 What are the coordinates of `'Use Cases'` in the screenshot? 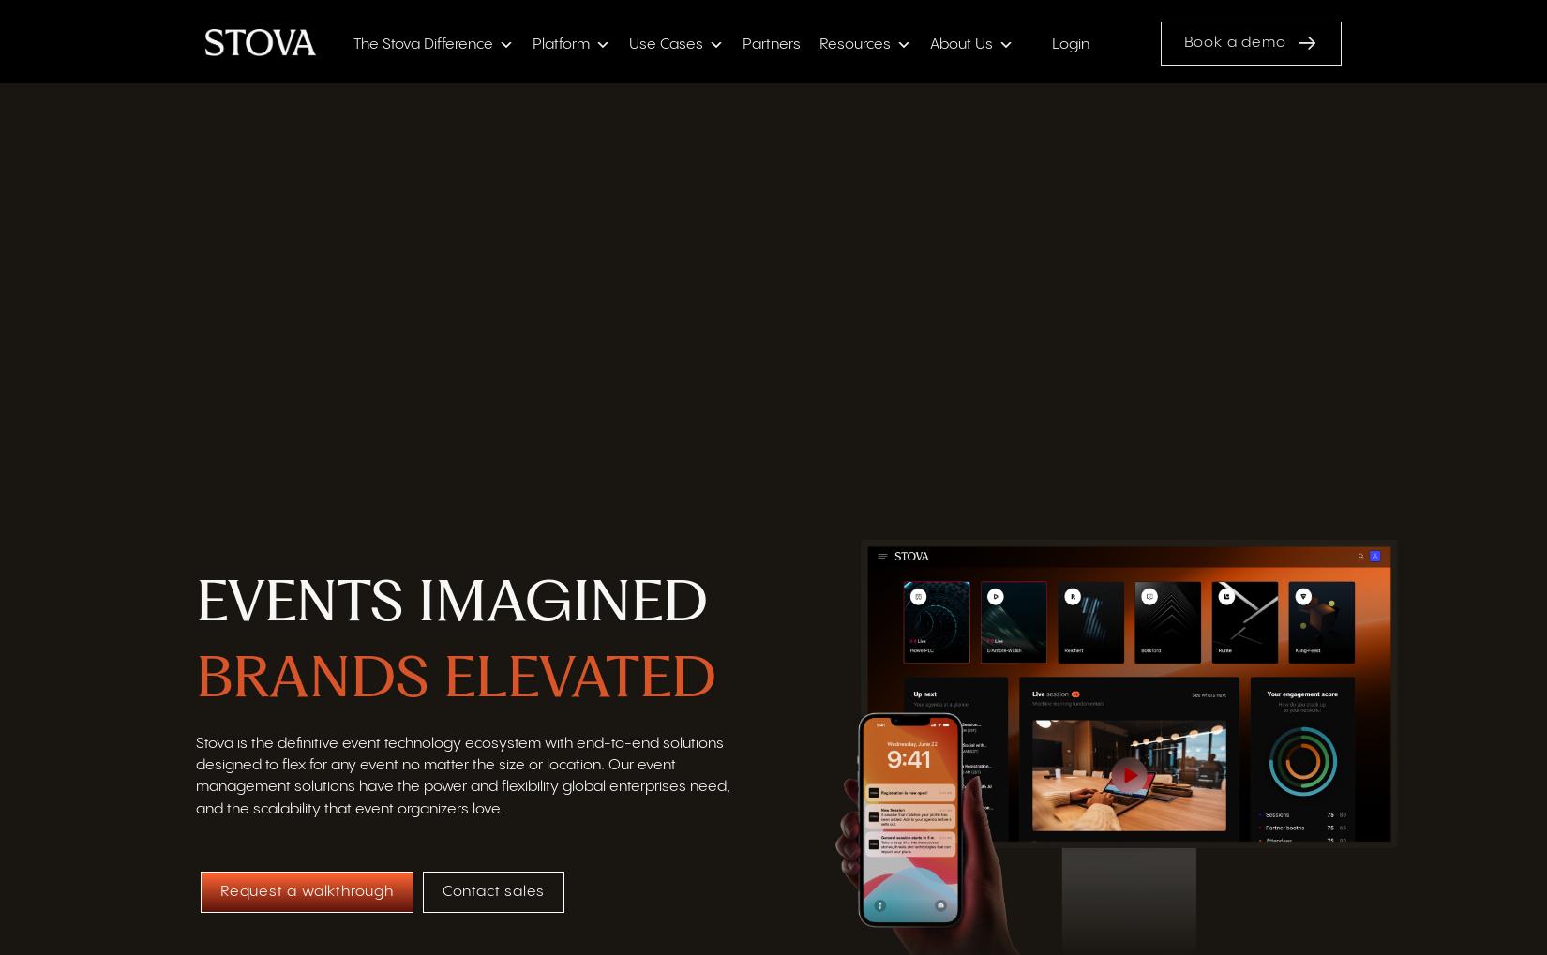 It's located at (664, 46).